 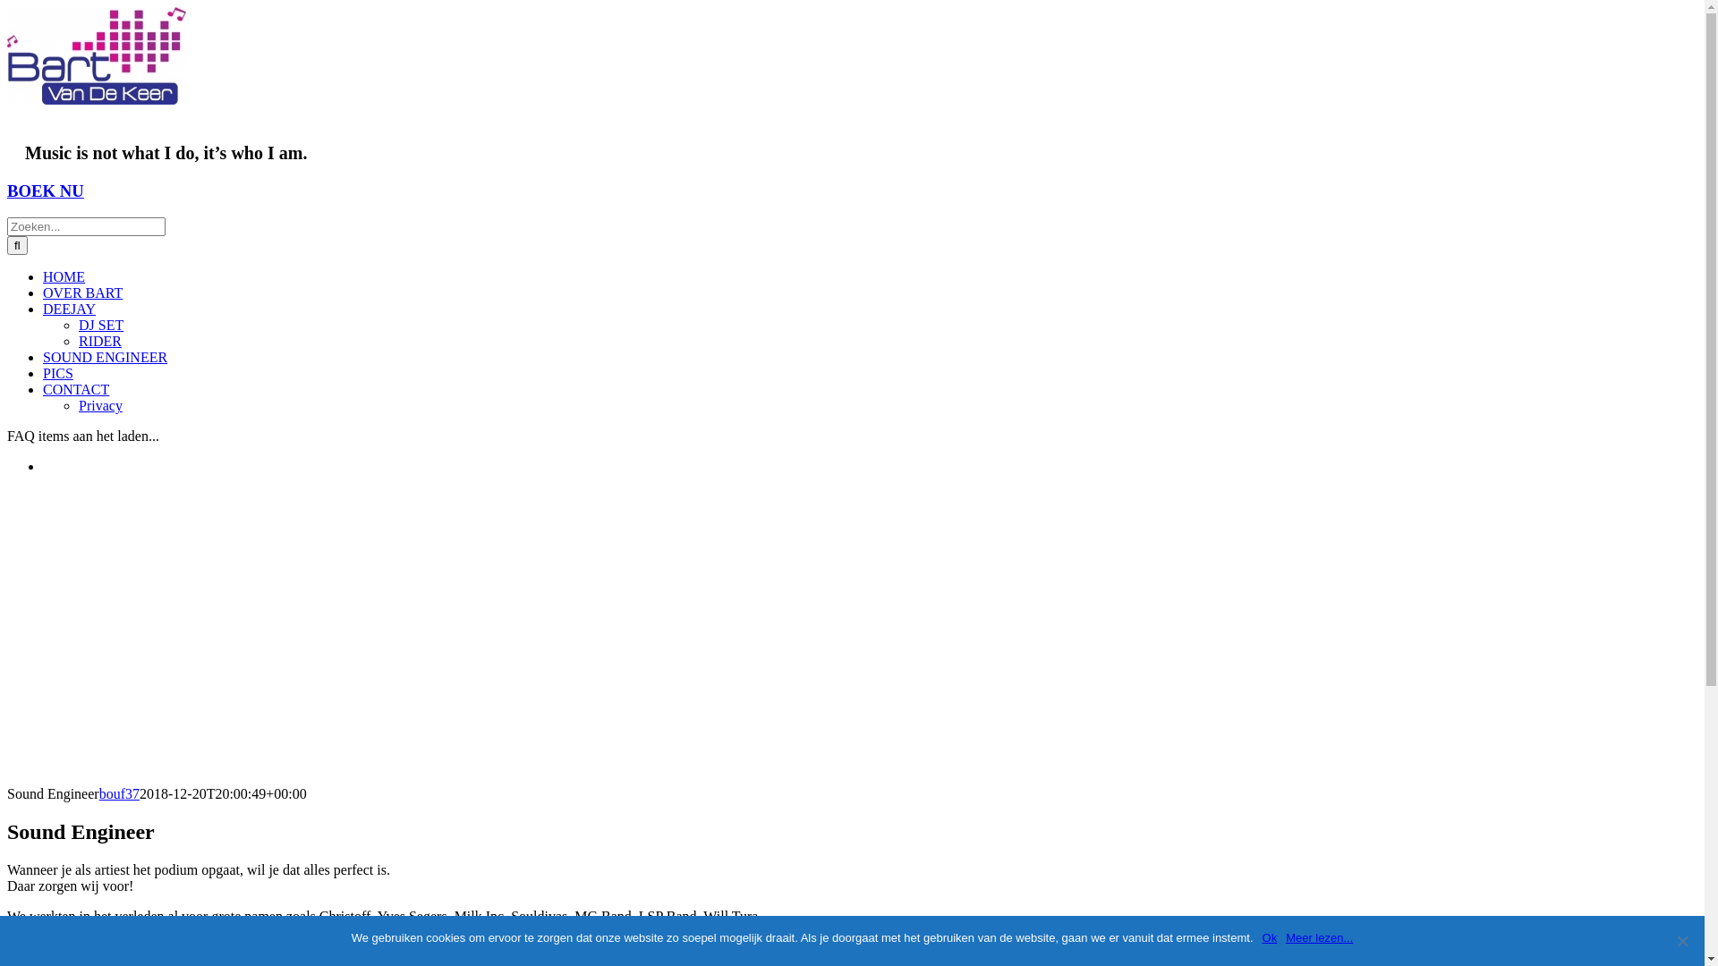 I want to click on 'Meer lezen...', so click(x=1319, y=937).